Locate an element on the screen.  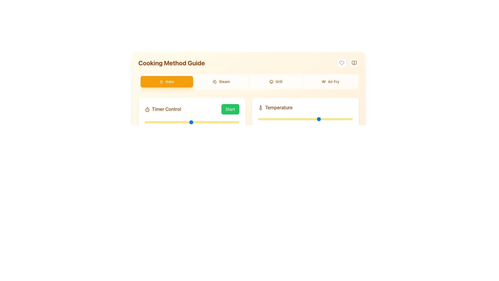
the temperature slider is located at coordinates (287, 119).